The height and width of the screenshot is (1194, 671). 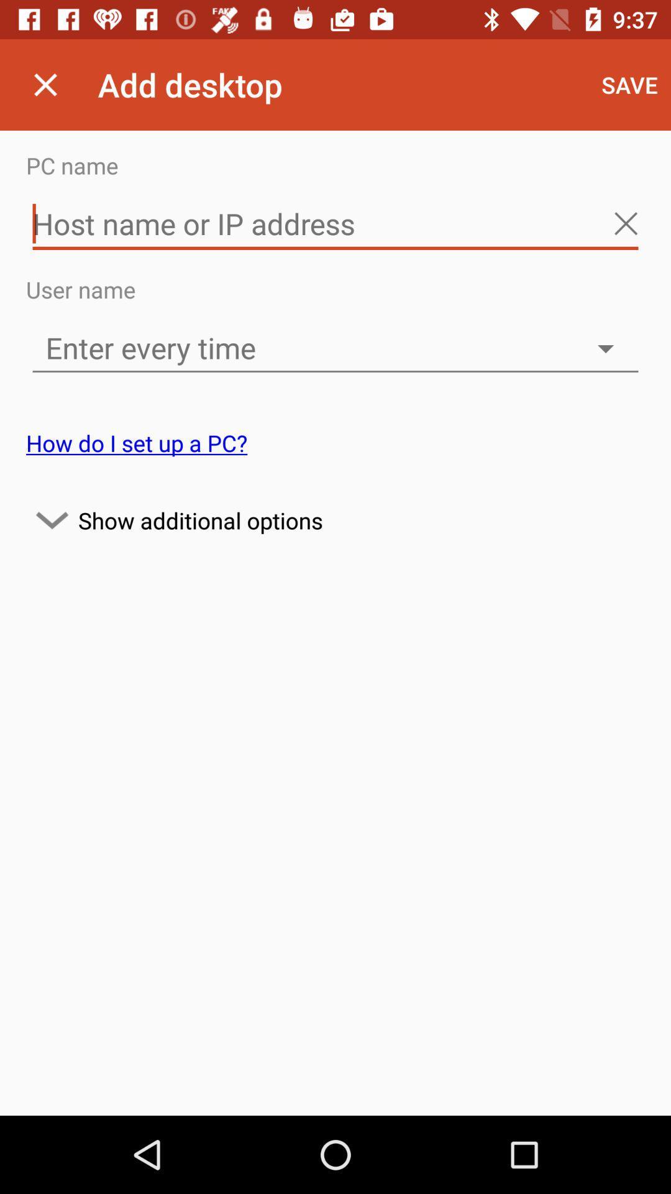 I want to click on the how do i icon, so click(x=137, y=443).